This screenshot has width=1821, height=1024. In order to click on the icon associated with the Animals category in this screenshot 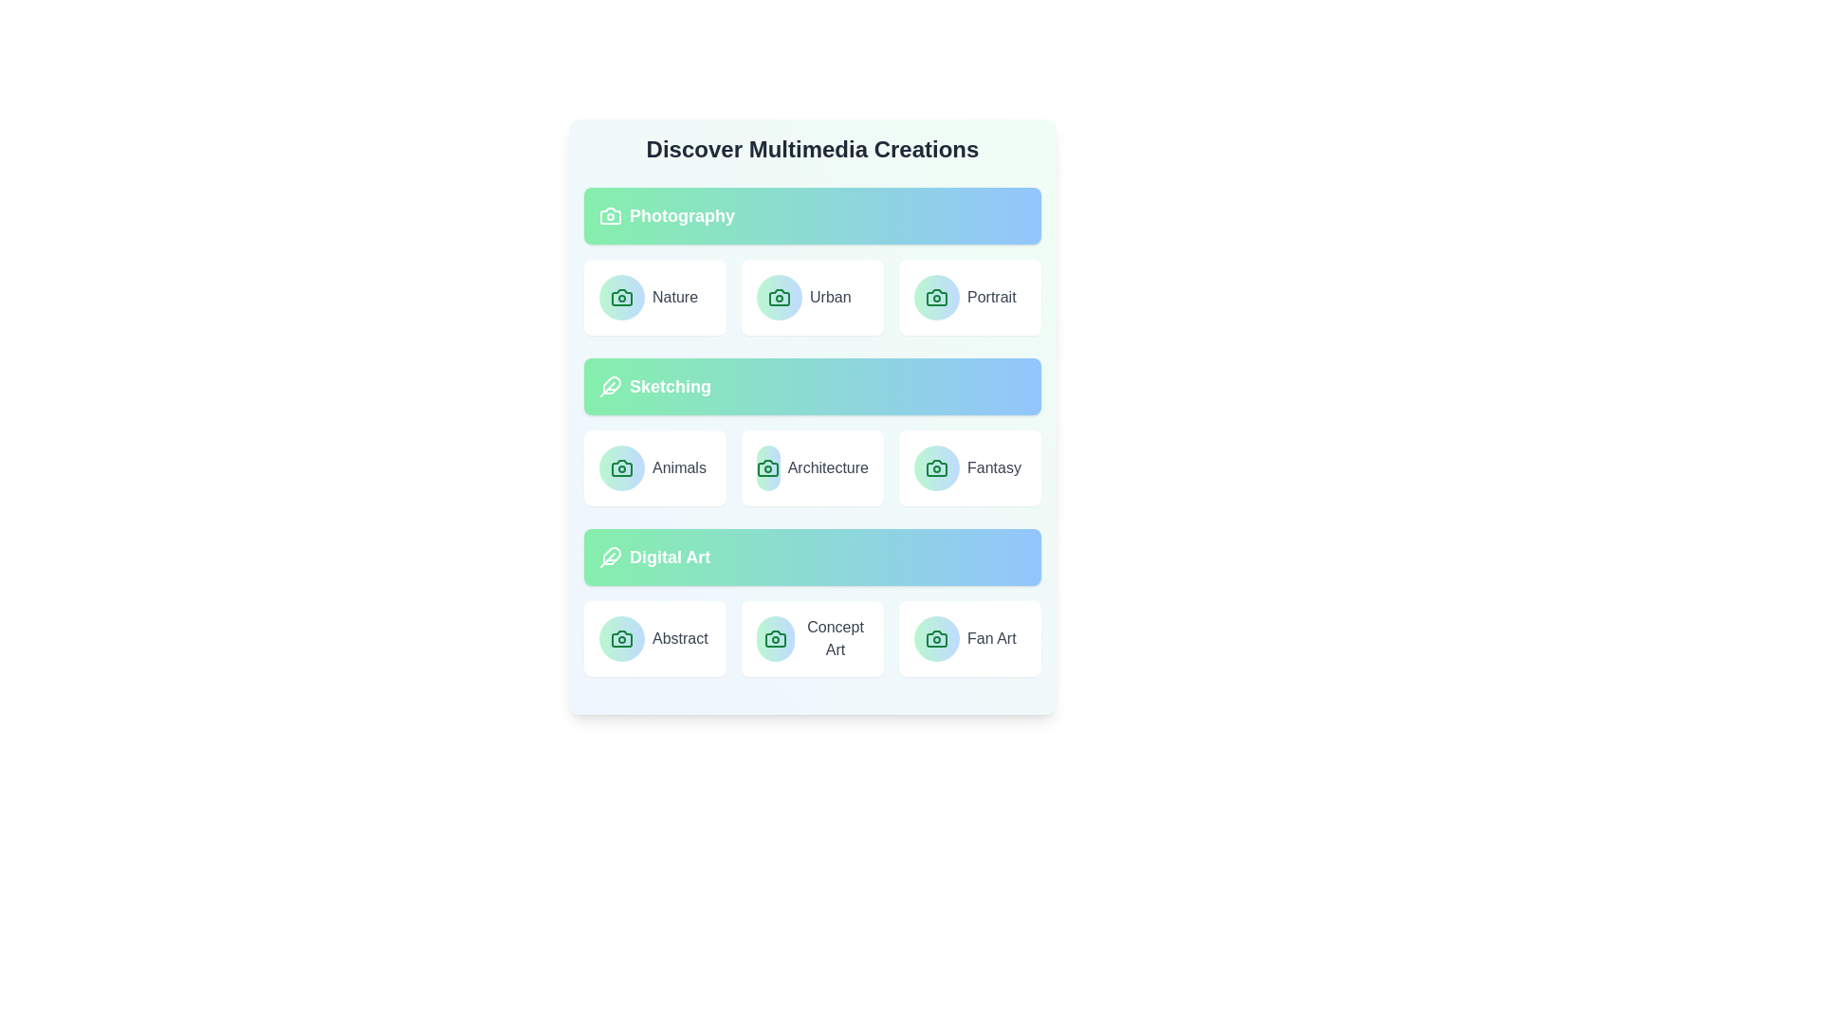, I will do `click(622, 467)`.